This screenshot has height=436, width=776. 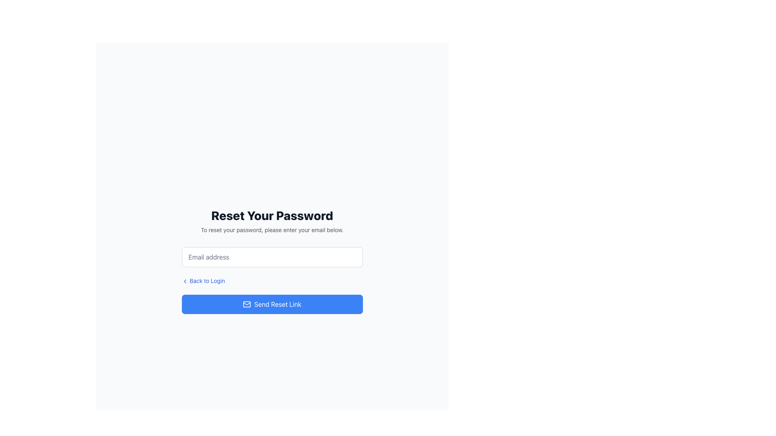 I want to click on the 'Send Reset Link' text label which is part of a blue button located at the bottom of the password reset page, so click(x=278, y=304).